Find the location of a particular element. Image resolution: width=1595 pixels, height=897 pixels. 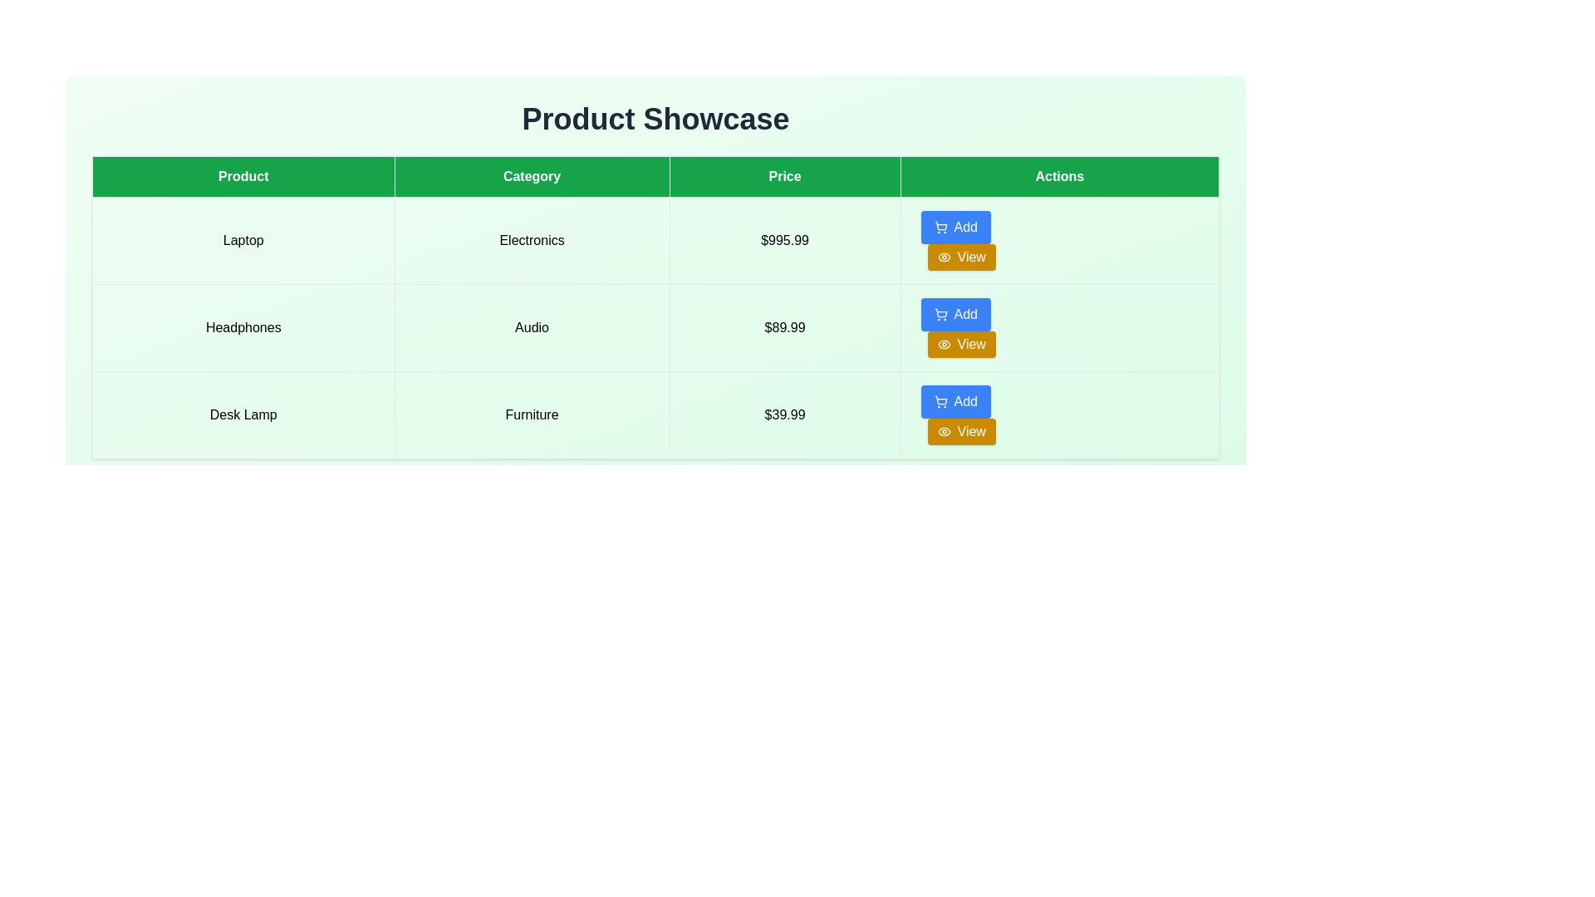

table cell containing the text 'Electronics' that is styled with a light-green background and centered black text, located in the second column of the row regarding 'Laptop' is located at coordinates (532, 240).